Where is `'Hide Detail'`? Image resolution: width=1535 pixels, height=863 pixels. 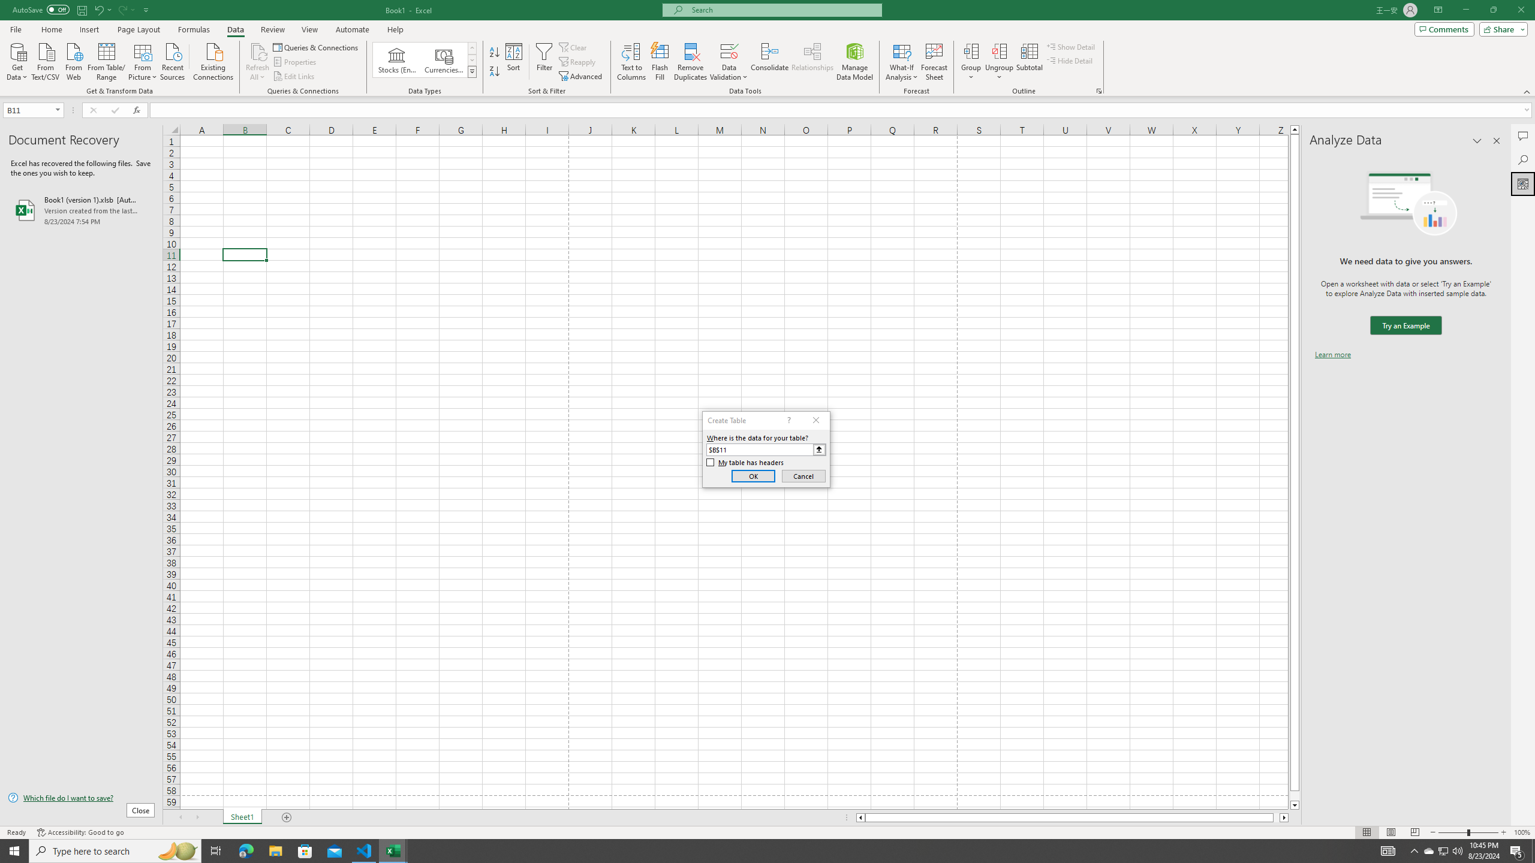
'Hide Detail' is located at coordinates (1070, 59).